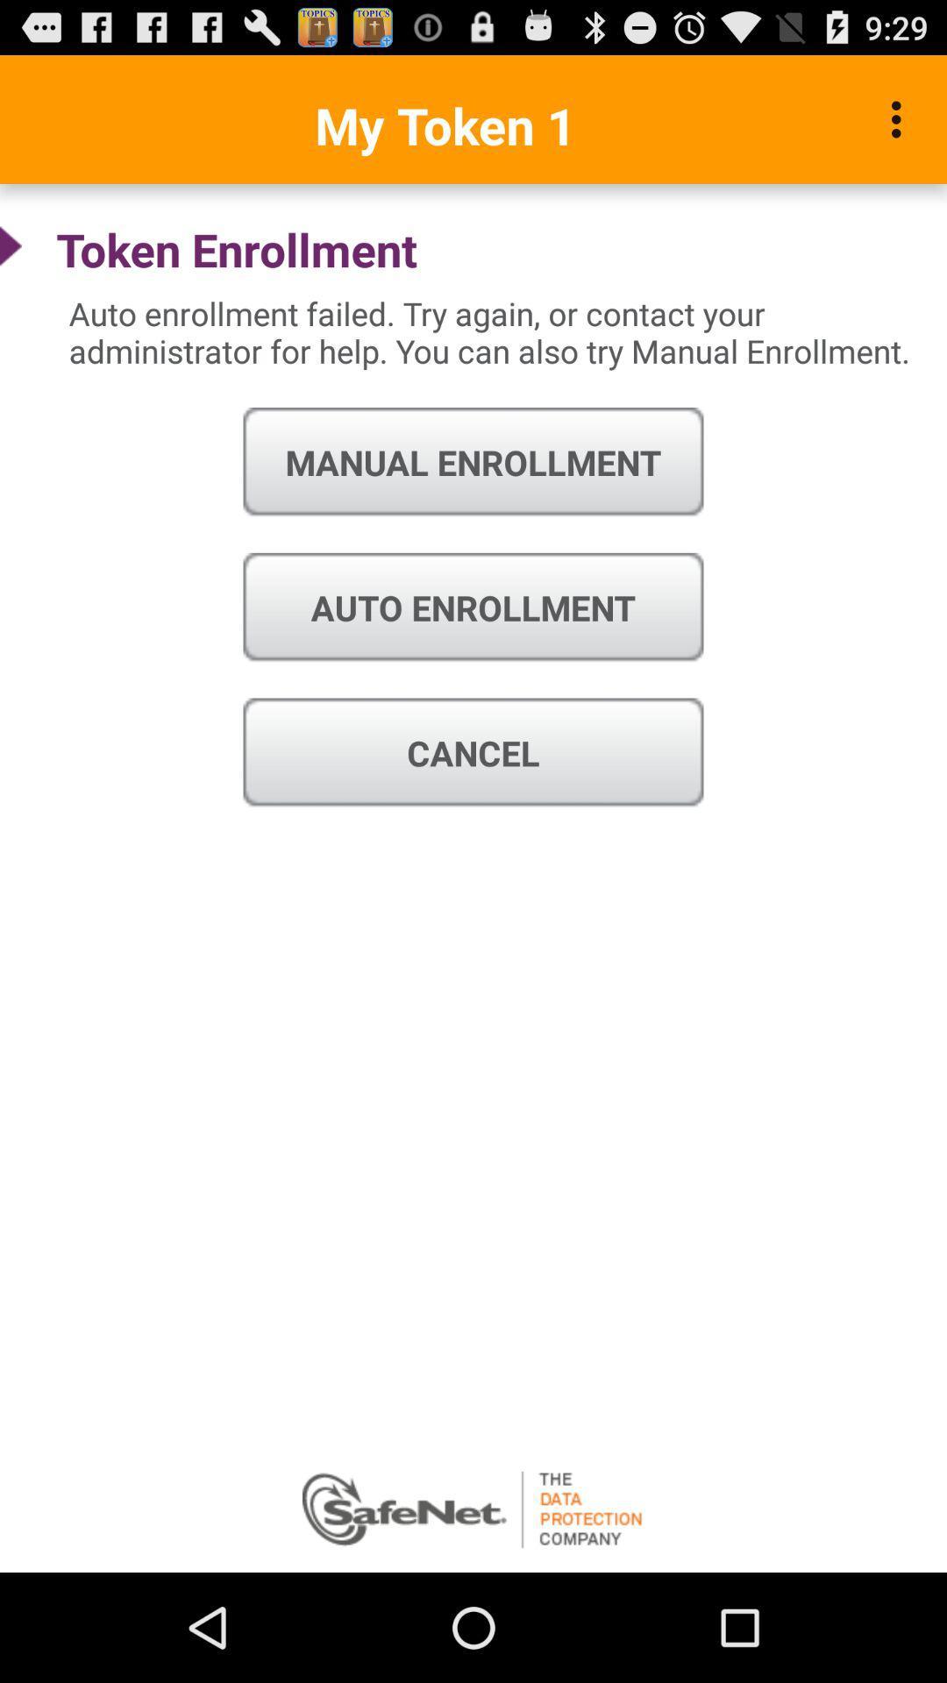 The image size is (947, 1683). I want to click on the item at the top right corner, so click(901, 118).